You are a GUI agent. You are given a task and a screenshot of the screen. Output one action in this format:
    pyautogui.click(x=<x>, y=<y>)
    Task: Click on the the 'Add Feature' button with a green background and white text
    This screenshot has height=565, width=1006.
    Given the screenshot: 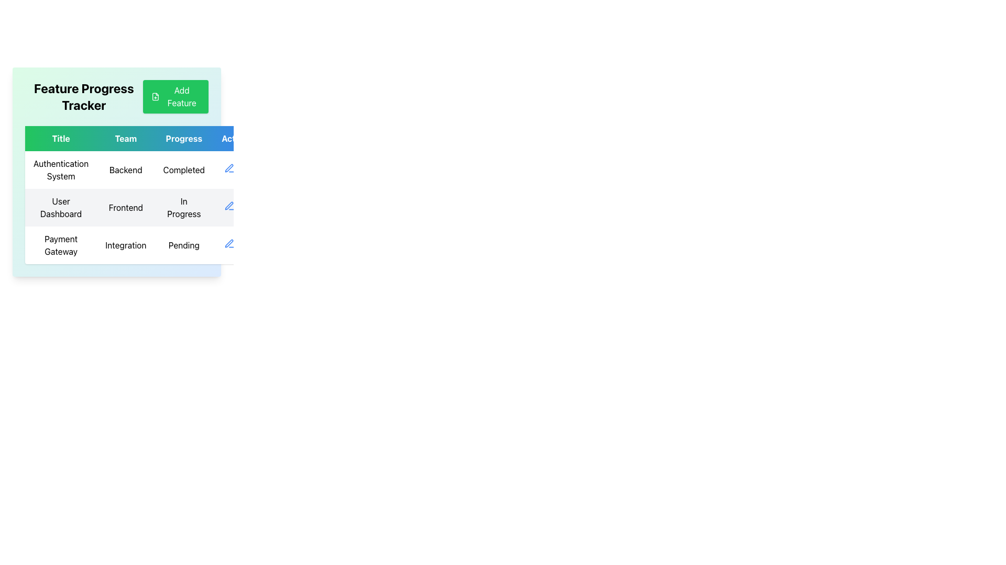 What is the action you would take?
    pyautogui.click(x=176, y=97)
    